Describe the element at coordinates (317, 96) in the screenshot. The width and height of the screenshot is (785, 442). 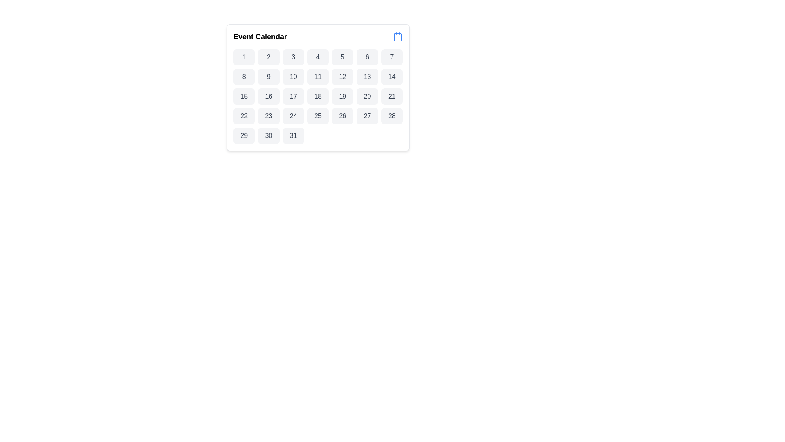
I see `the button representing the date '18' in the calendar` at that location.